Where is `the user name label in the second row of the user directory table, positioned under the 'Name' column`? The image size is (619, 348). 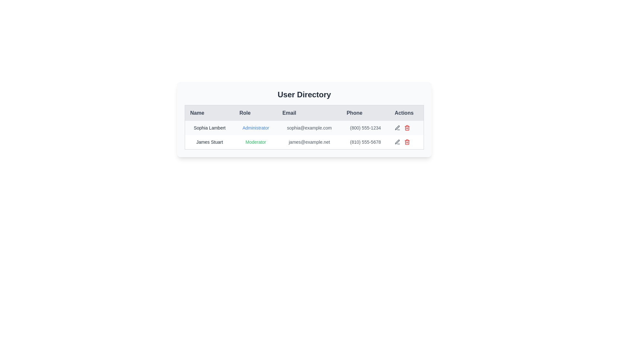
the user name label in the second row of the user directory table, positioned under the 'Name' column is located at coordinates (210, 142).